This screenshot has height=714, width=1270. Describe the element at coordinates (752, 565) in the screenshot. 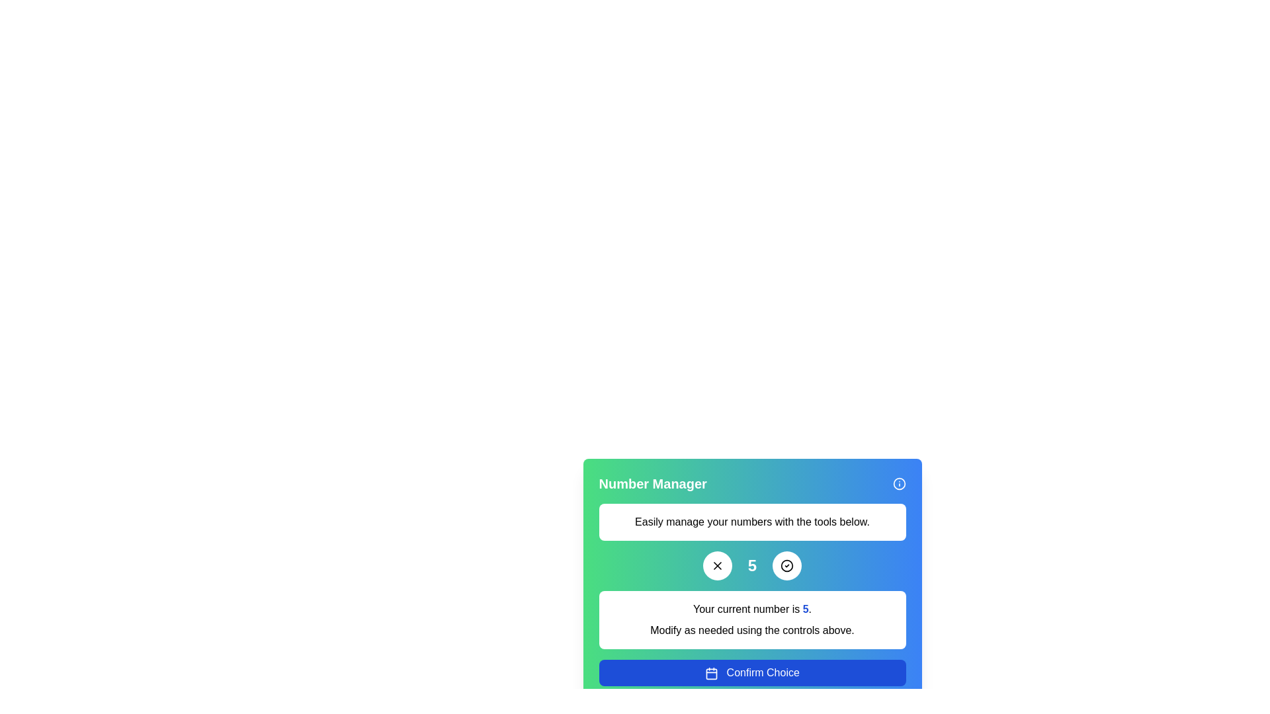

I see `the numeric value '5' displayed in bold font within the 'Number Manager' section, which is centrally aligned and flanked by circular buttons` at that location.